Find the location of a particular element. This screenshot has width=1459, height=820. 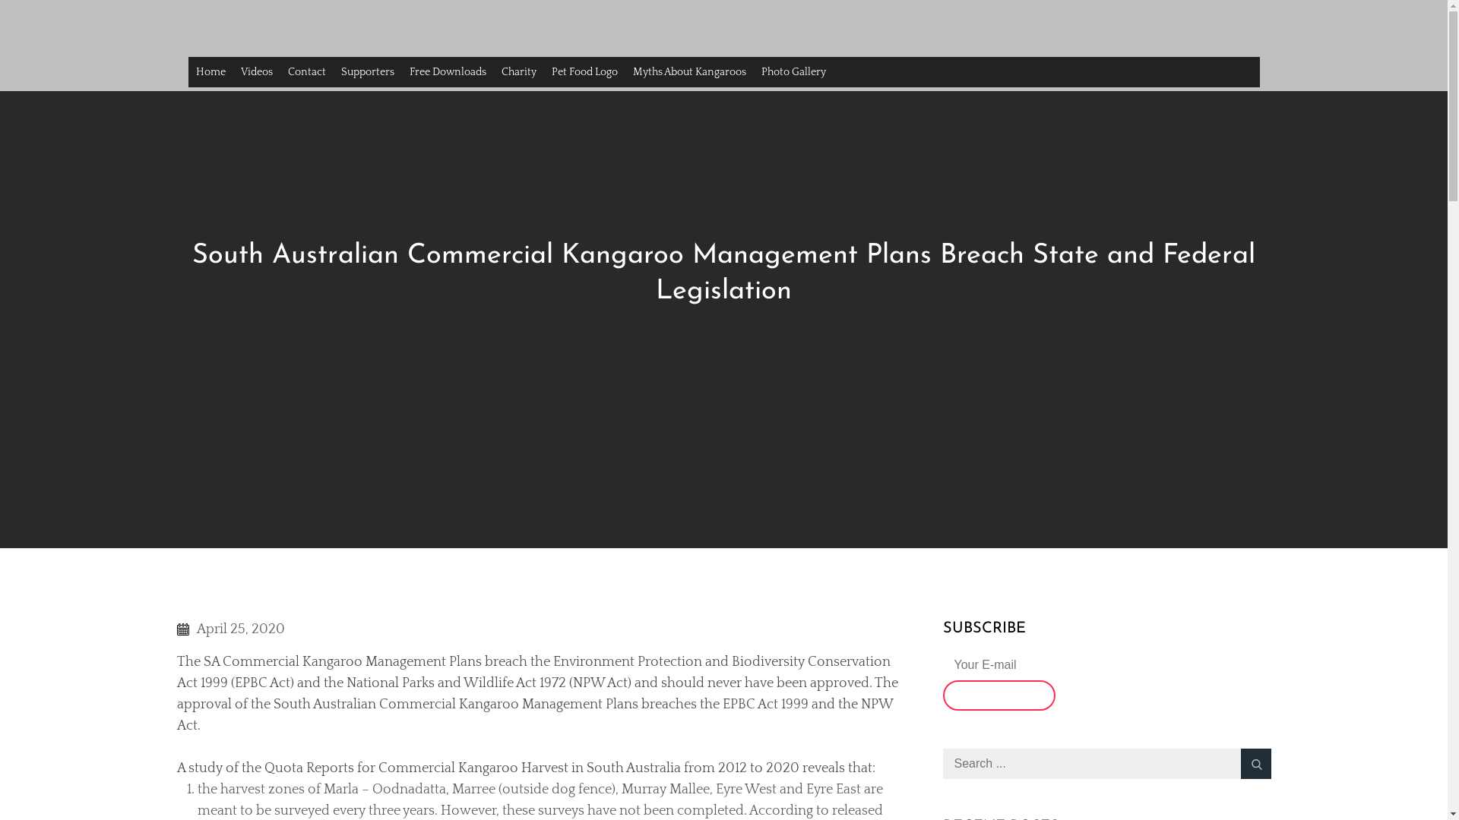

'Contact' is located at coordinates (305, 72).